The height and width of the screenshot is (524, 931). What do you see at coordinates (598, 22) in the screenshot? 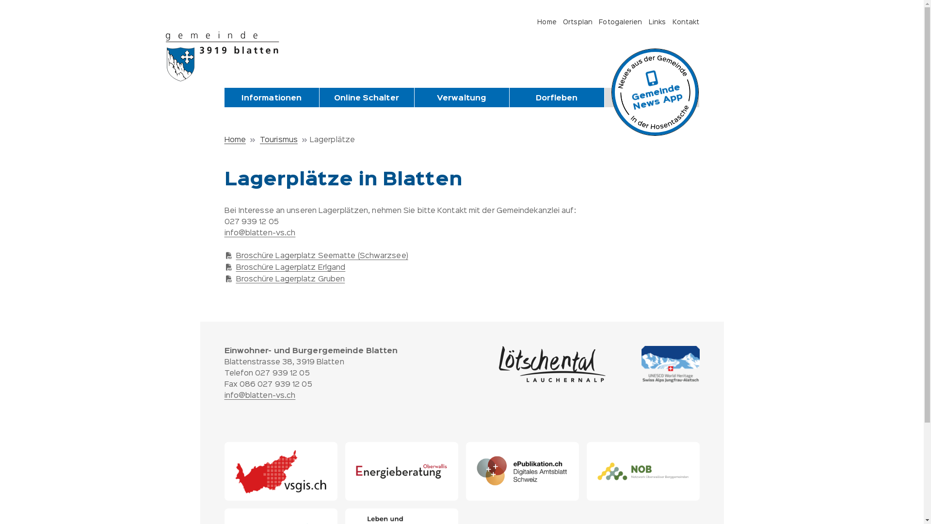
I see `'Fotogalerien'` at bounding box center [598, 22].